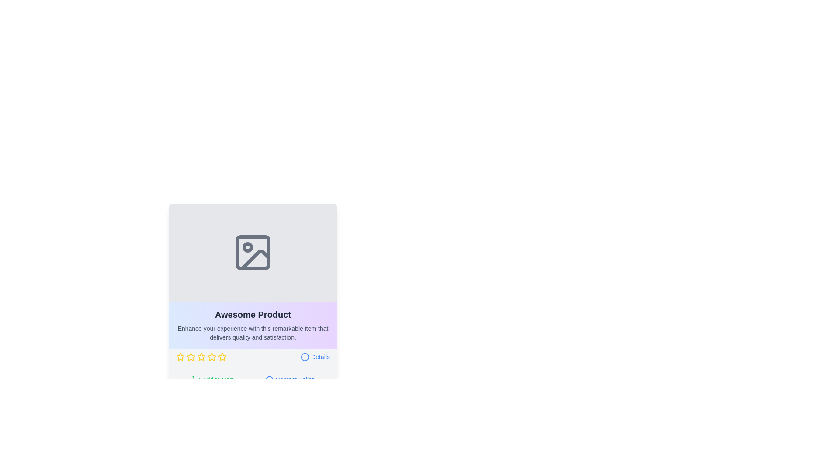  What do you see at coordinates (253, 325) in the screenshot?
I see `title and description text from the Text Block located below the placeholder image, which is centrally aligned and above the 'Details' link and star ratings` at bounding box center [253, 325].